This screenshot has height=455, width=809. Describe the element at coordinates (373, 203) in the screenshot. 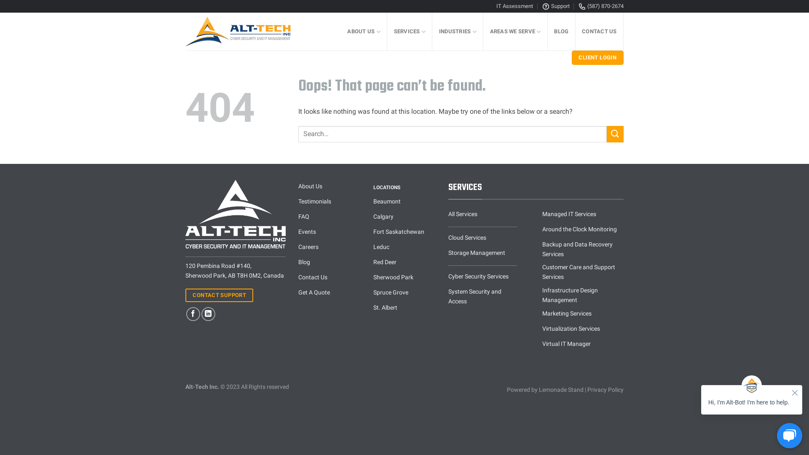

I see `'Beaumont'` at that location.